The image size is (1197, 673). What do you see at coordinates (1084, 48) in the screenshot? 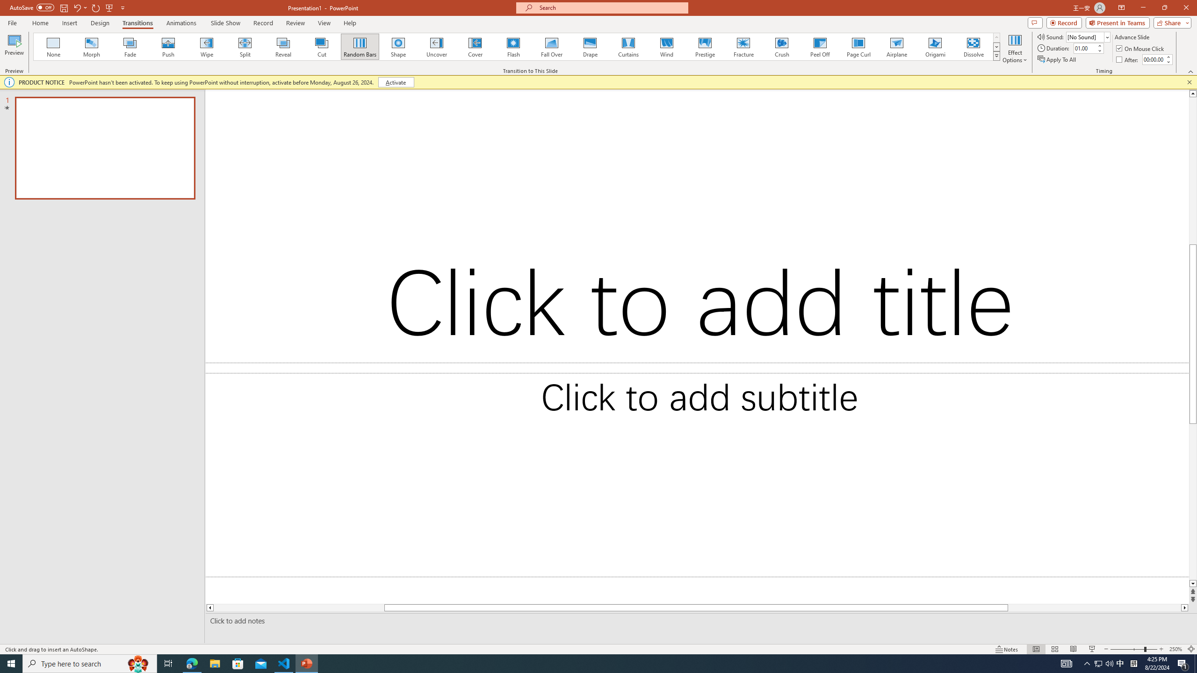
I see `'Duration'` at bounding box center [1084, 48].